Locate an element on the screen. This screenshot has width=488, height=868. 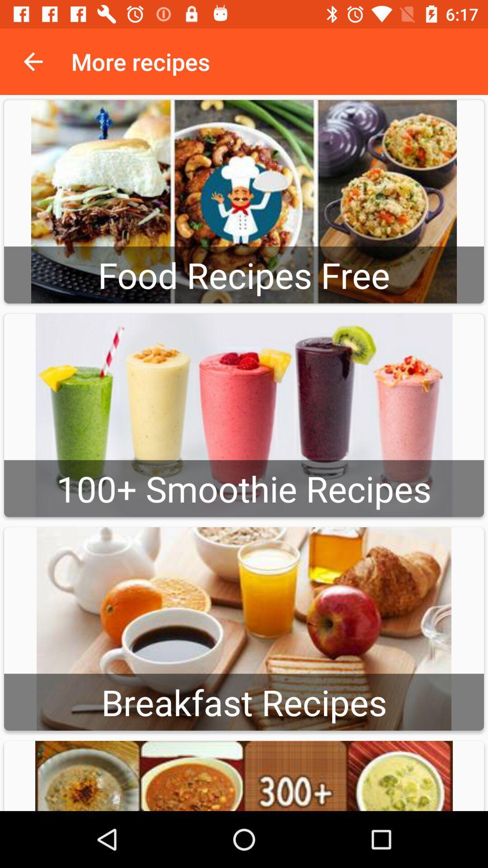
the item next to more recipes item is located at coordinates (33, 61).